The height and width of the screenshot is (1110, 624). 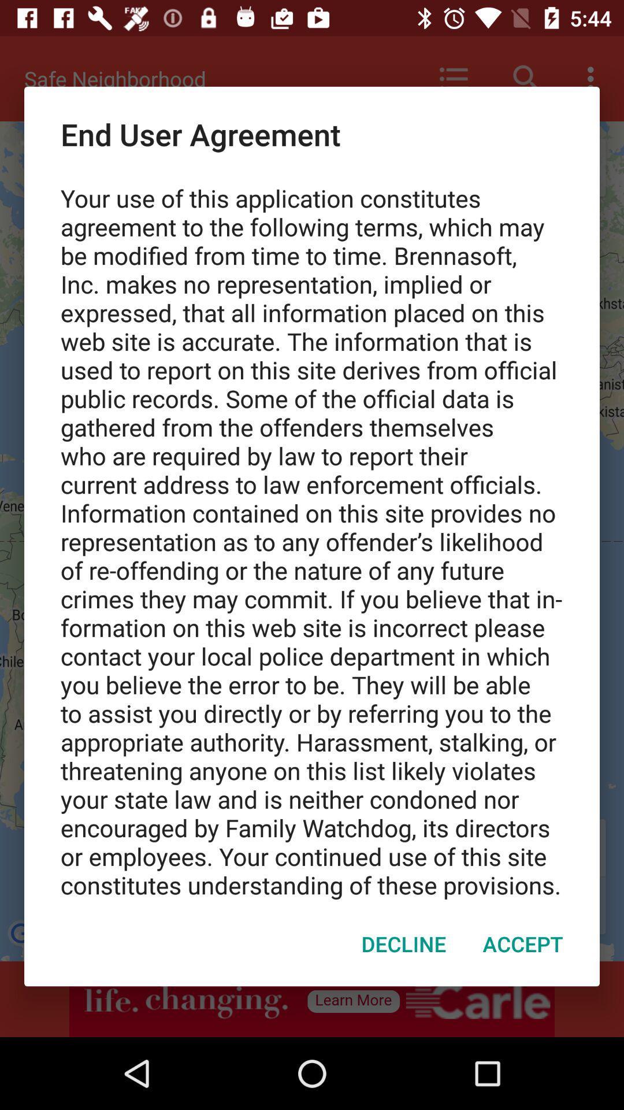 I want to click on icon at the bottom right corner, so click(x=523, y=943).